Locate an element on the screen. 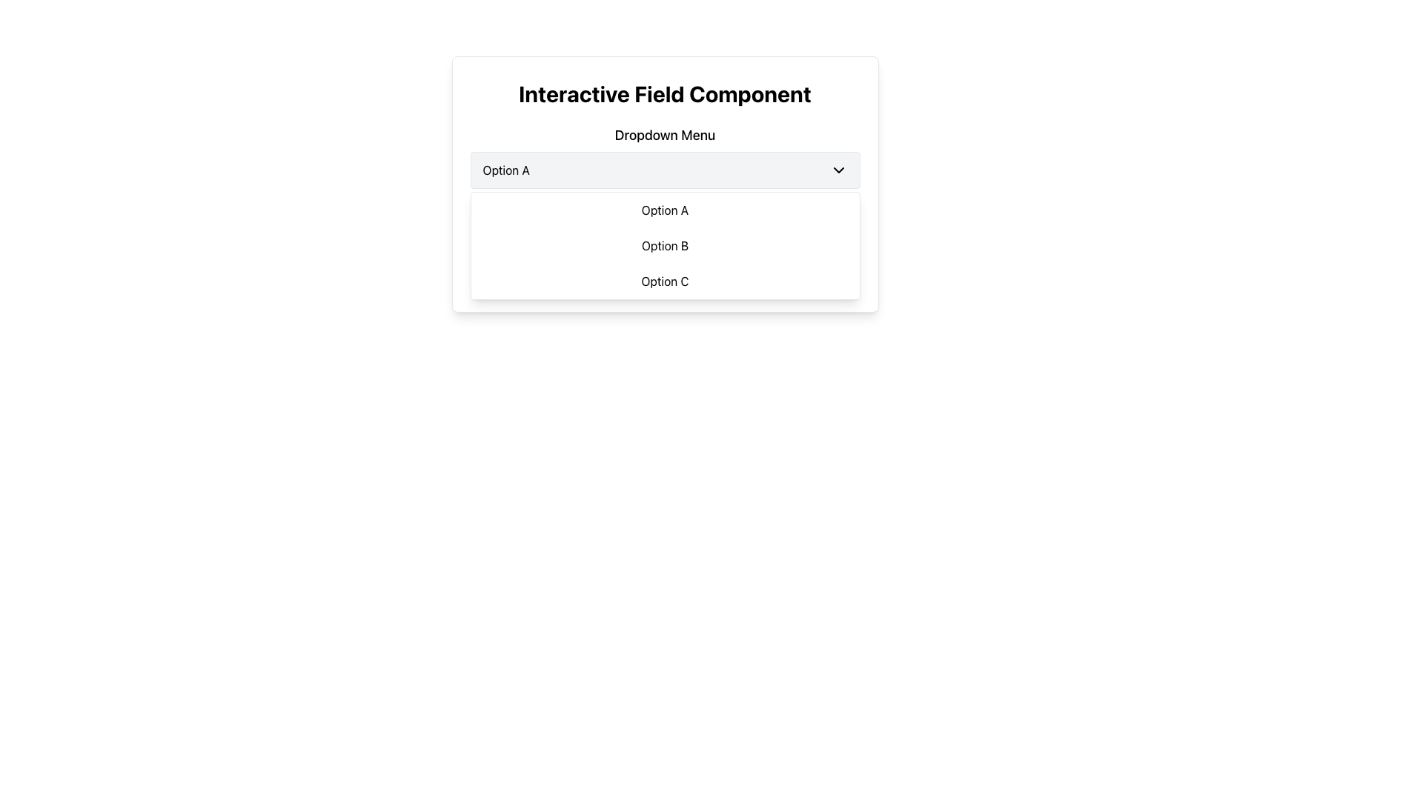  the first option in the dropdown menu is located at coordinates (664, 210).